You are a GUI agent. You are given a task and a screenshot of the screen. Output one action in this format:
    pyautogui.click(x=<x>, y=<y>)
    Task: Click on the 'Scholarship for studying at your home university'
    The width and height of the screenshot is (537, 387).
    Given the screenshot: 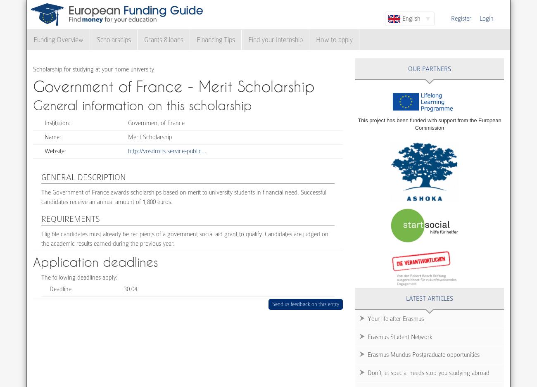 What is the action you would take?
    pyautogui.click(x=93, y=68)
    